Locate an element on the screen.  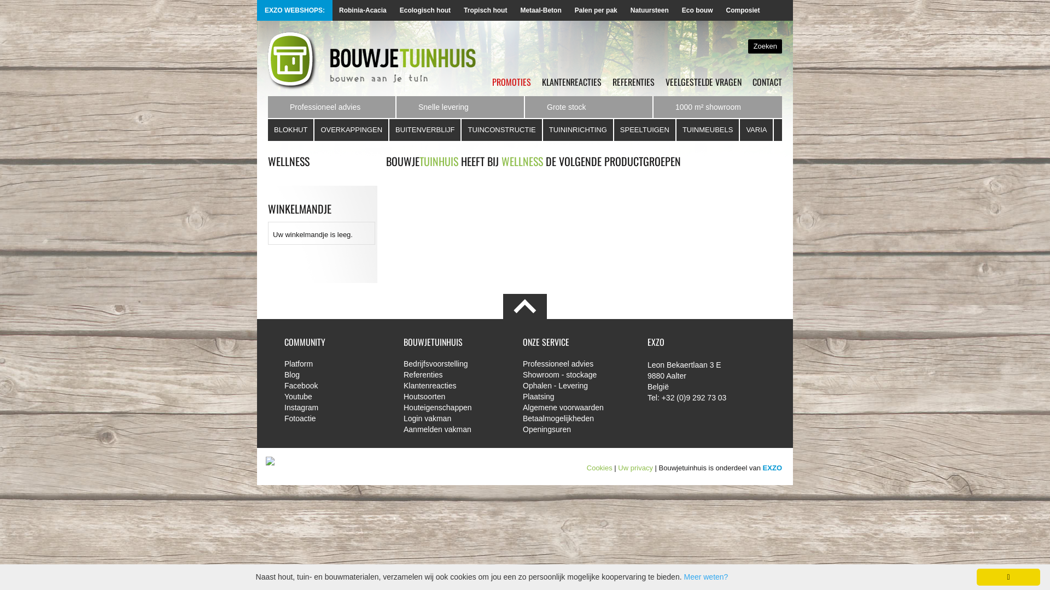
'REFERENTIES' is located at coordinates (633, 81).